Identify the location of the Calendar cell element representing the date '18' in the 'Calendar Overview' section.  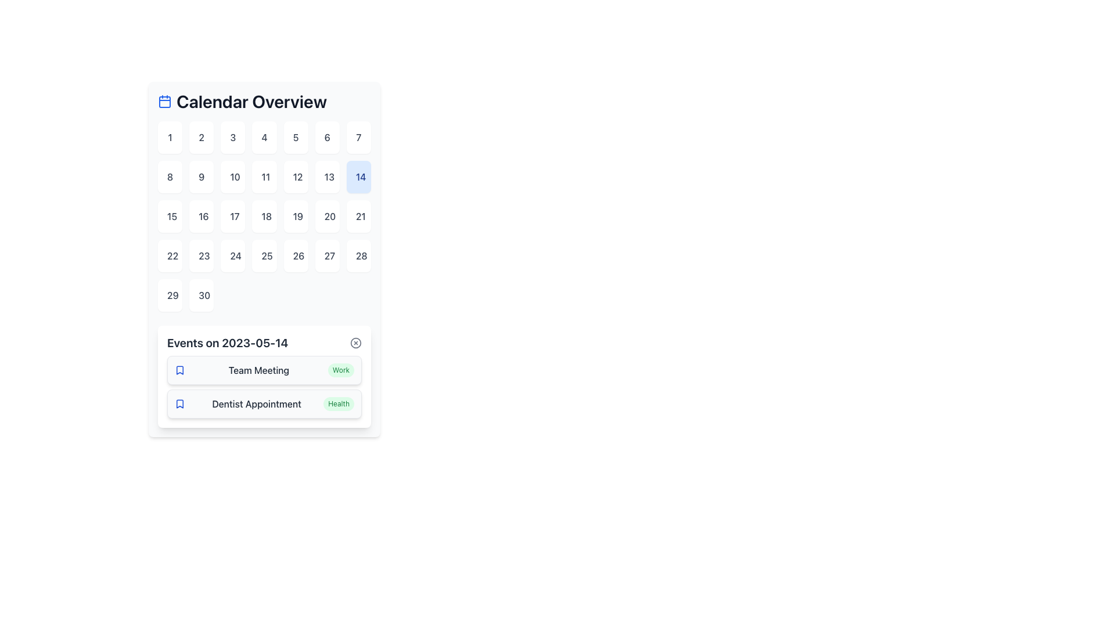
(264, 217).